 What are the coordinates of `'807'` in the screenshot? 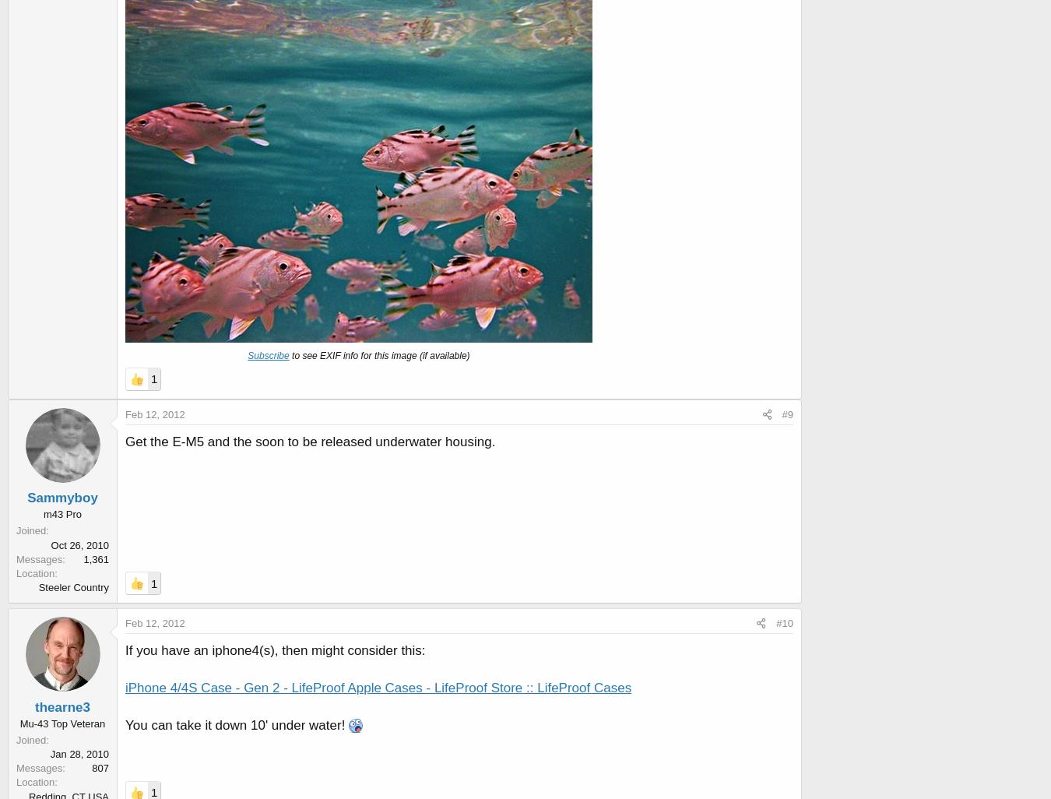 It's located at (100, 767).